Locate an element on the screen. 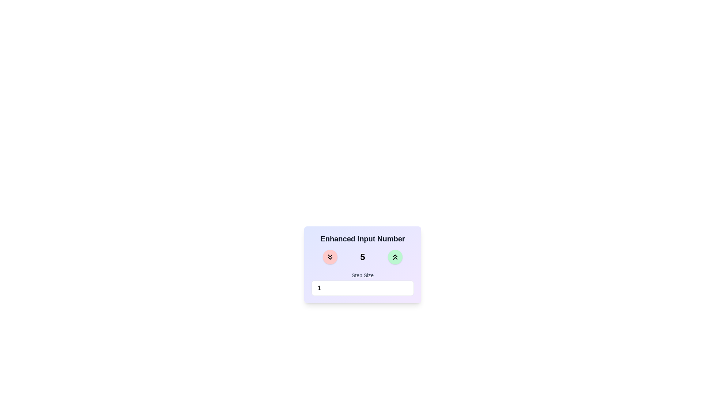 The image size is (702, 395). and activate the Icon button located on the top-left of the 'Enhanced Input Number' panel is located at coordinates (330, 256).